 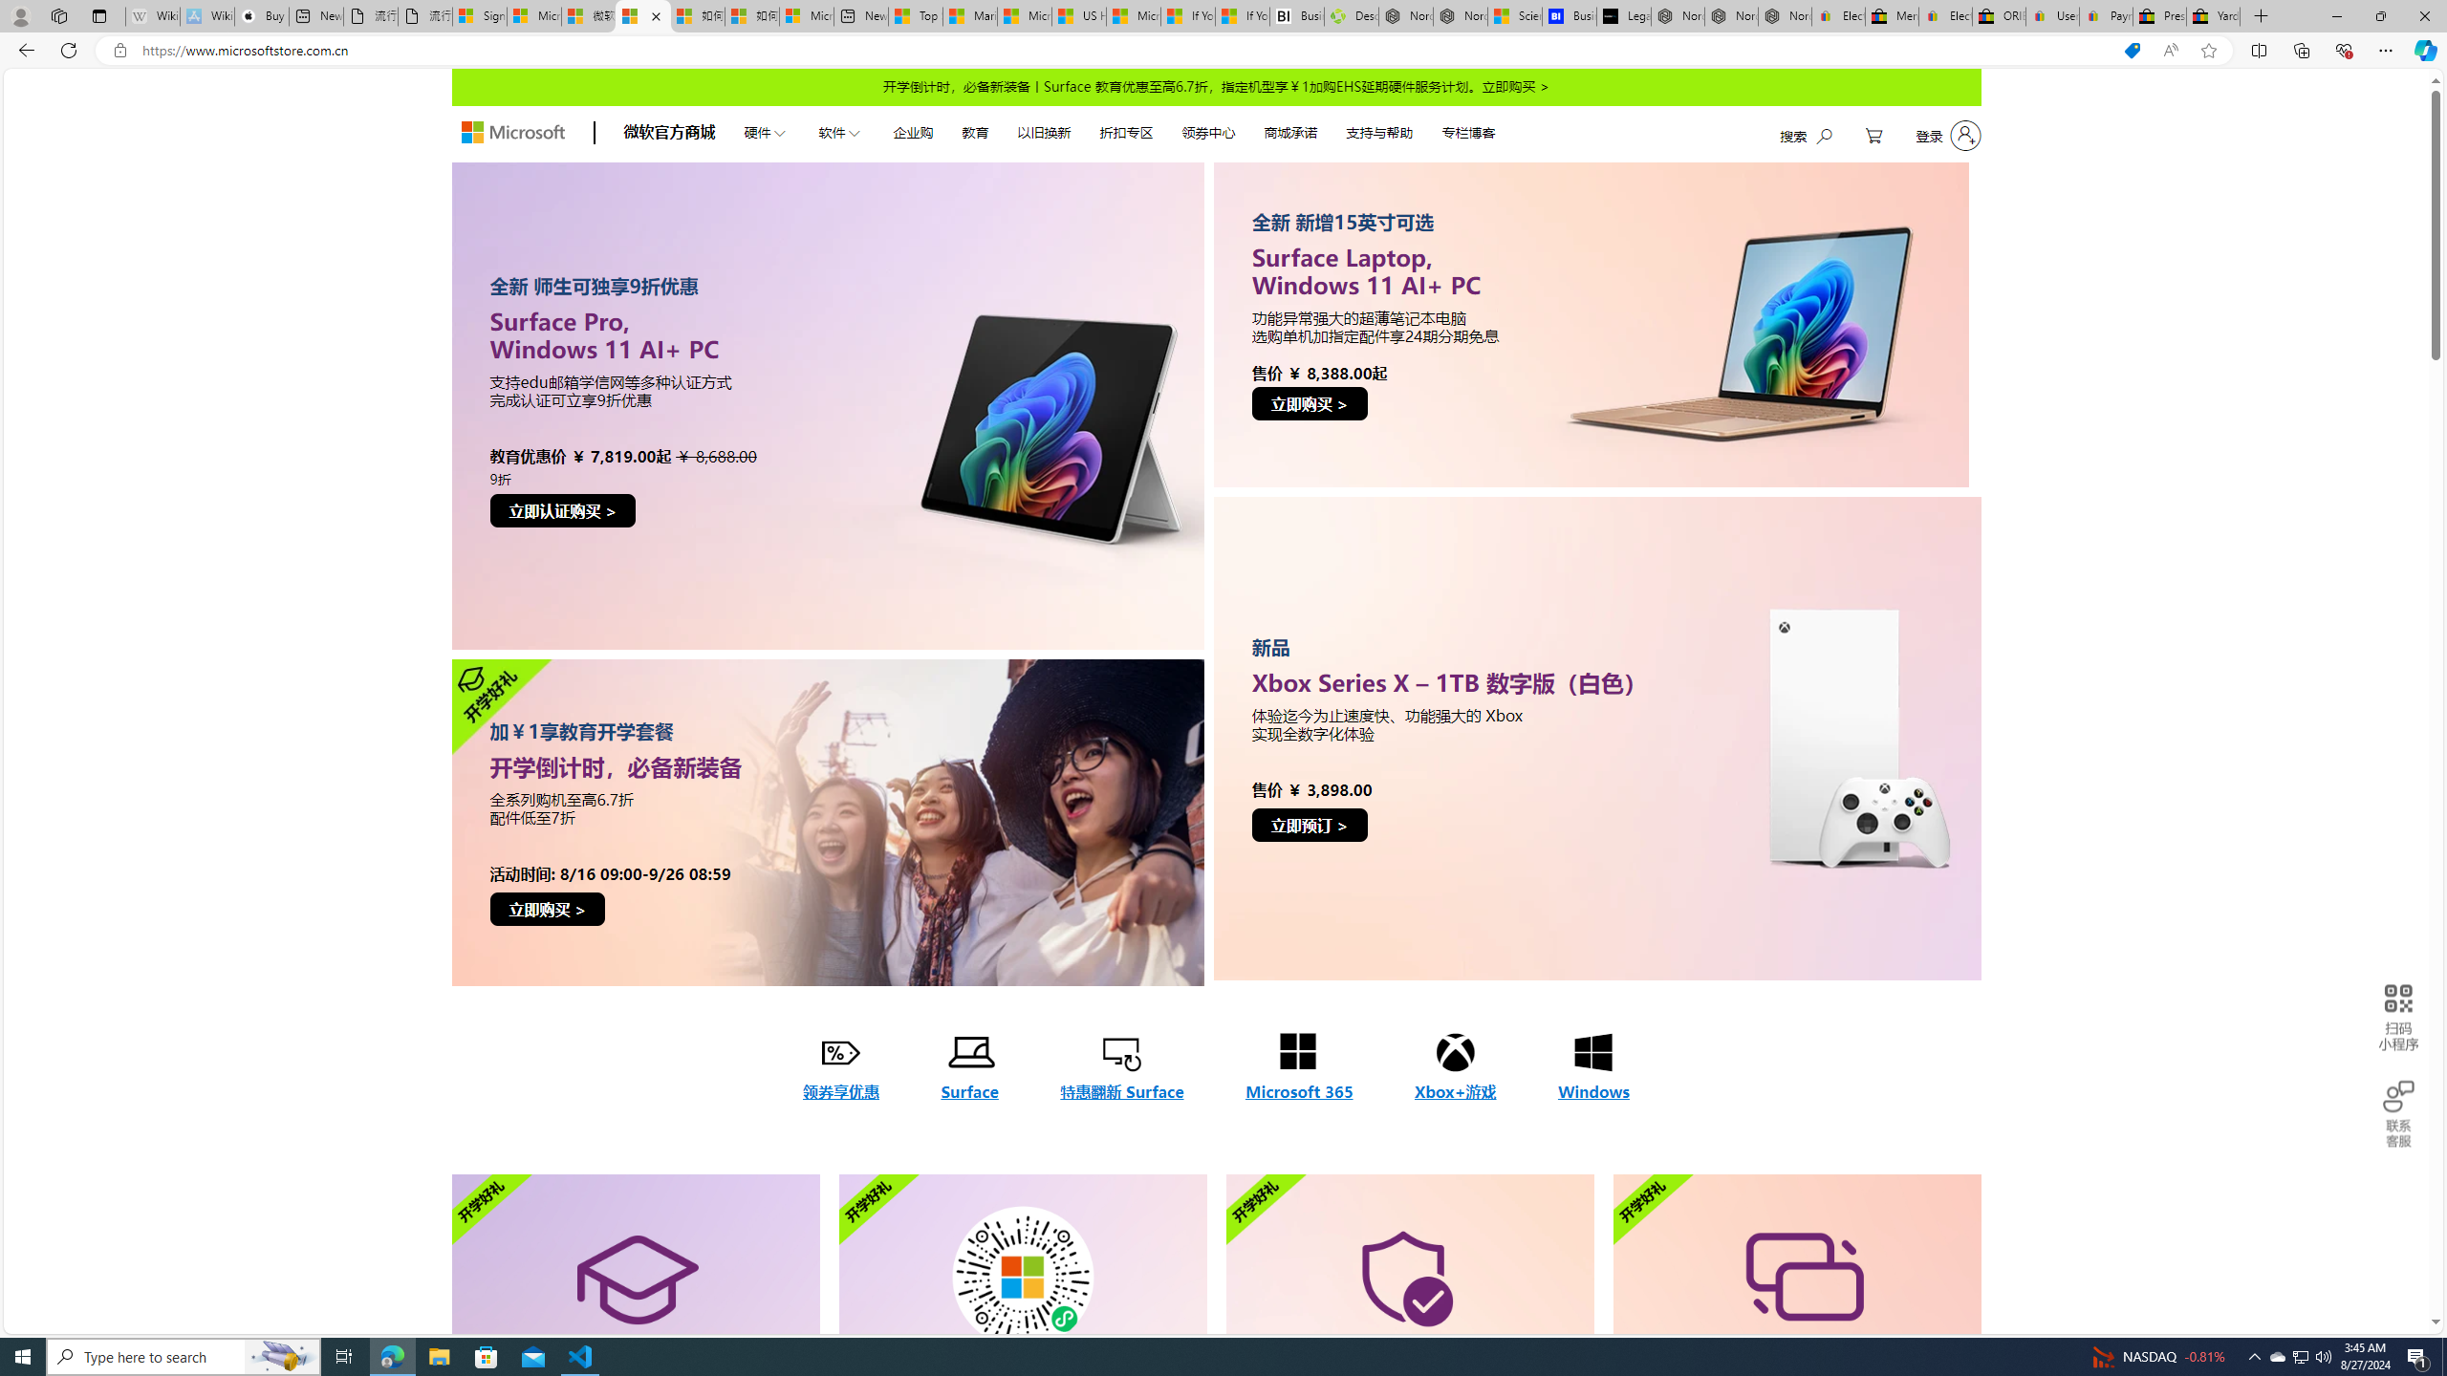 What do you see at coordinates (1873, 135) in the screenshot?
I see `'My Cart'` at bounding box center [1873, 135].